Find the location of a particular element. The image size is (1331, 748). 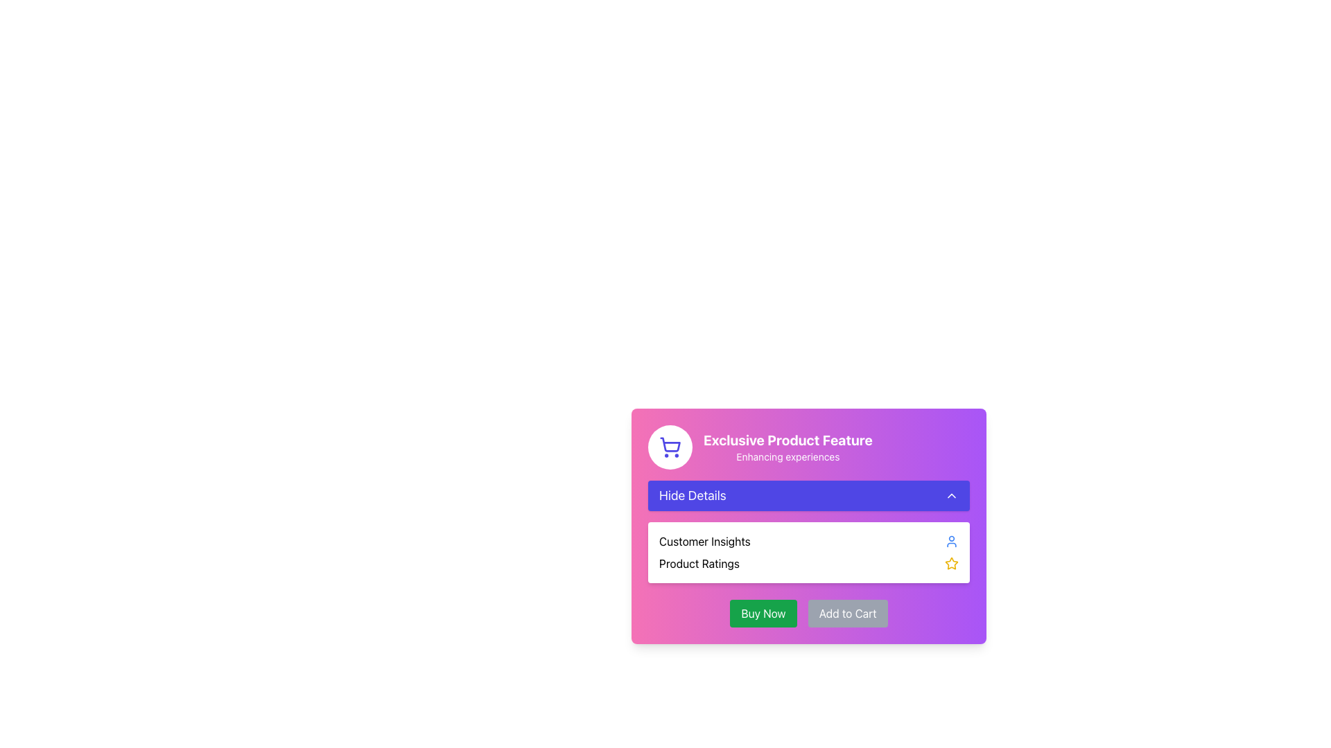

text label displaying 'Enhancing experiences.' located below the heading 'Exclusive Product Feature' on a purple gradient background is located at coordinates (788, 456).